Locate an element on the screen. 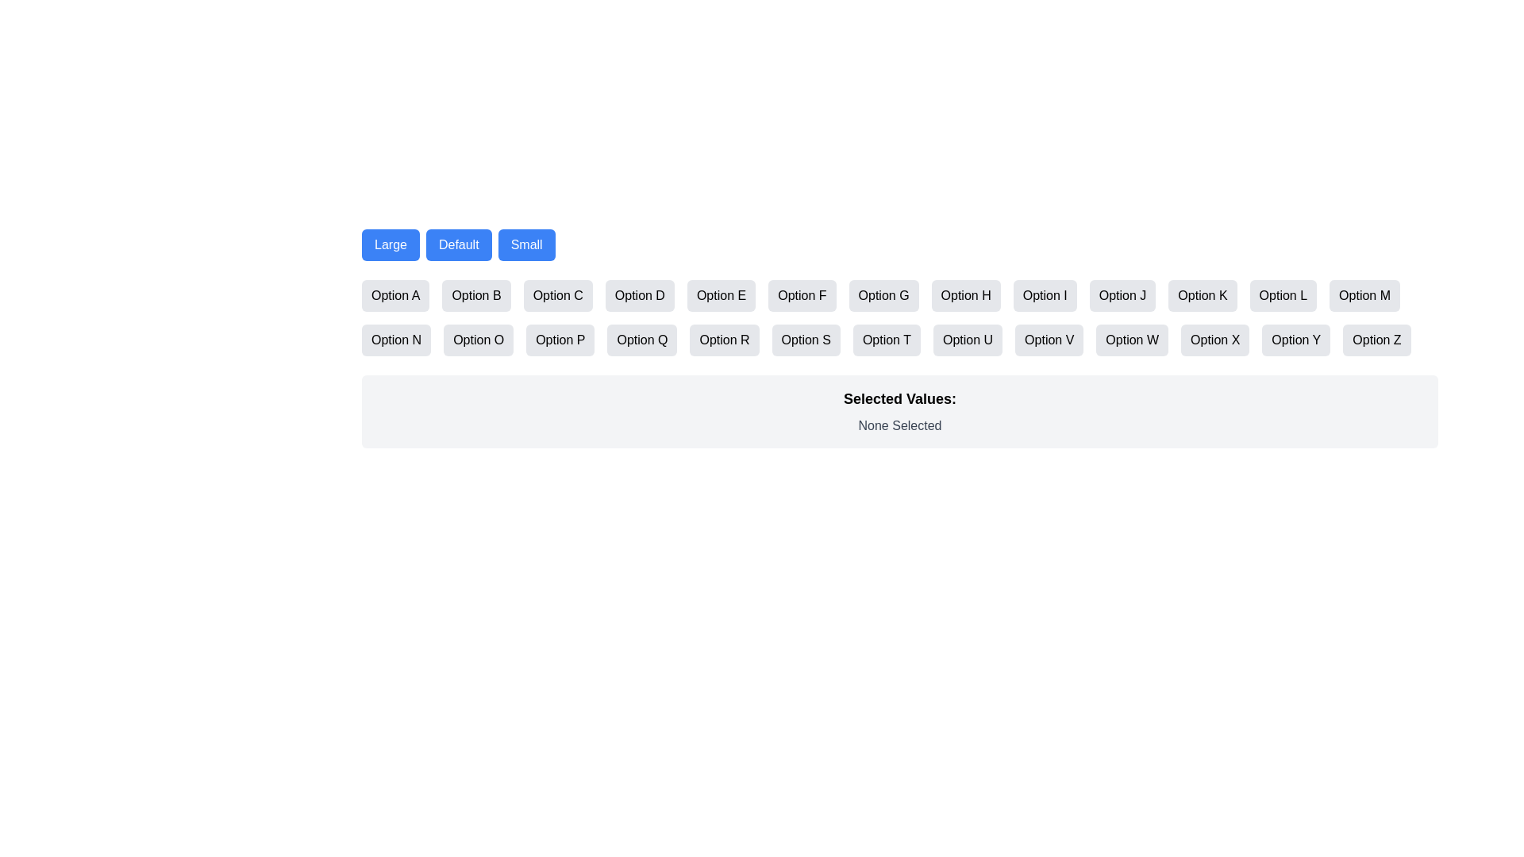  the rectangular button with a light gray background and the text 'Option X' centered in black font is located at coordinates (1214, 339).